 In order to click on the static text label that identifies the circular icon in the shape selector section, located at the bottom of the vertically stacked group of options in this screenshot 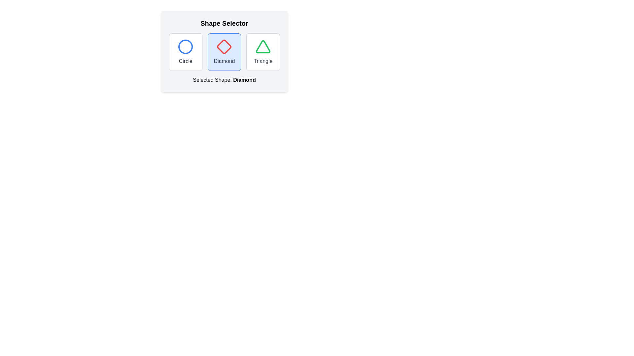, I will do `click(185, 61)`.